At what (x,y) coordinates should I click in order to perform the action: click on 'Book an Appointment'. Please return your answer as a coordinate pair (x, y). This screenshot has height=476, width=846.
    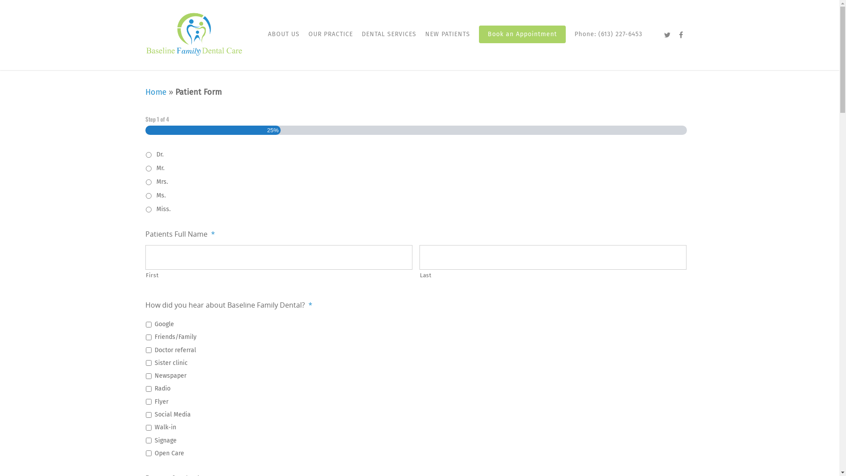
    Looking at the image, I should click on (478, 40).